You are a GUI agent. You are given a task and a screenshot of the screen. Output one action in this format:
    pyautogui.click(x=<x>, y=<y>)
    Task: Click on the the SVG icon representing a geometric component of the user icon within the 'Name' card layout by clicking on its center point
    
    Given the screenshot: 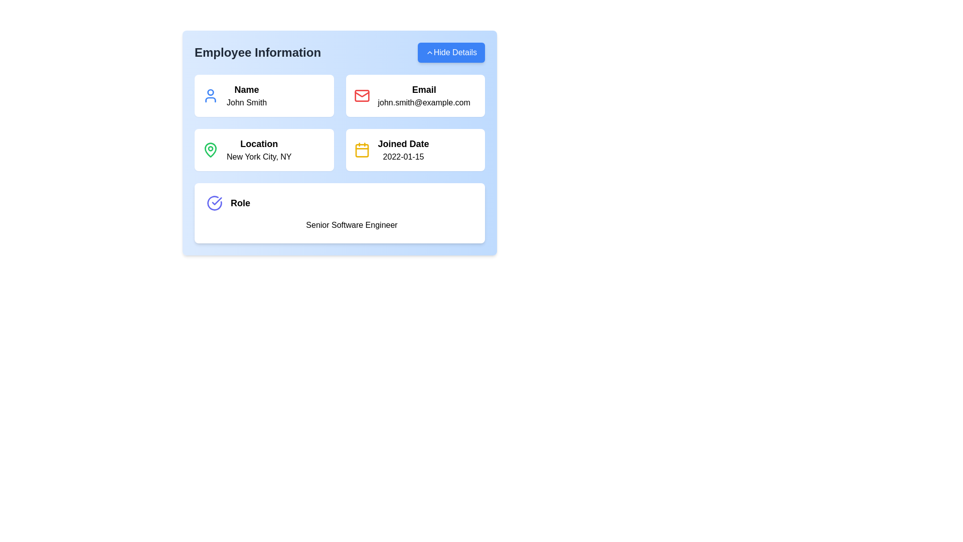 What is the action you would take?
    pyautogui.click(x=210, y=100)
    